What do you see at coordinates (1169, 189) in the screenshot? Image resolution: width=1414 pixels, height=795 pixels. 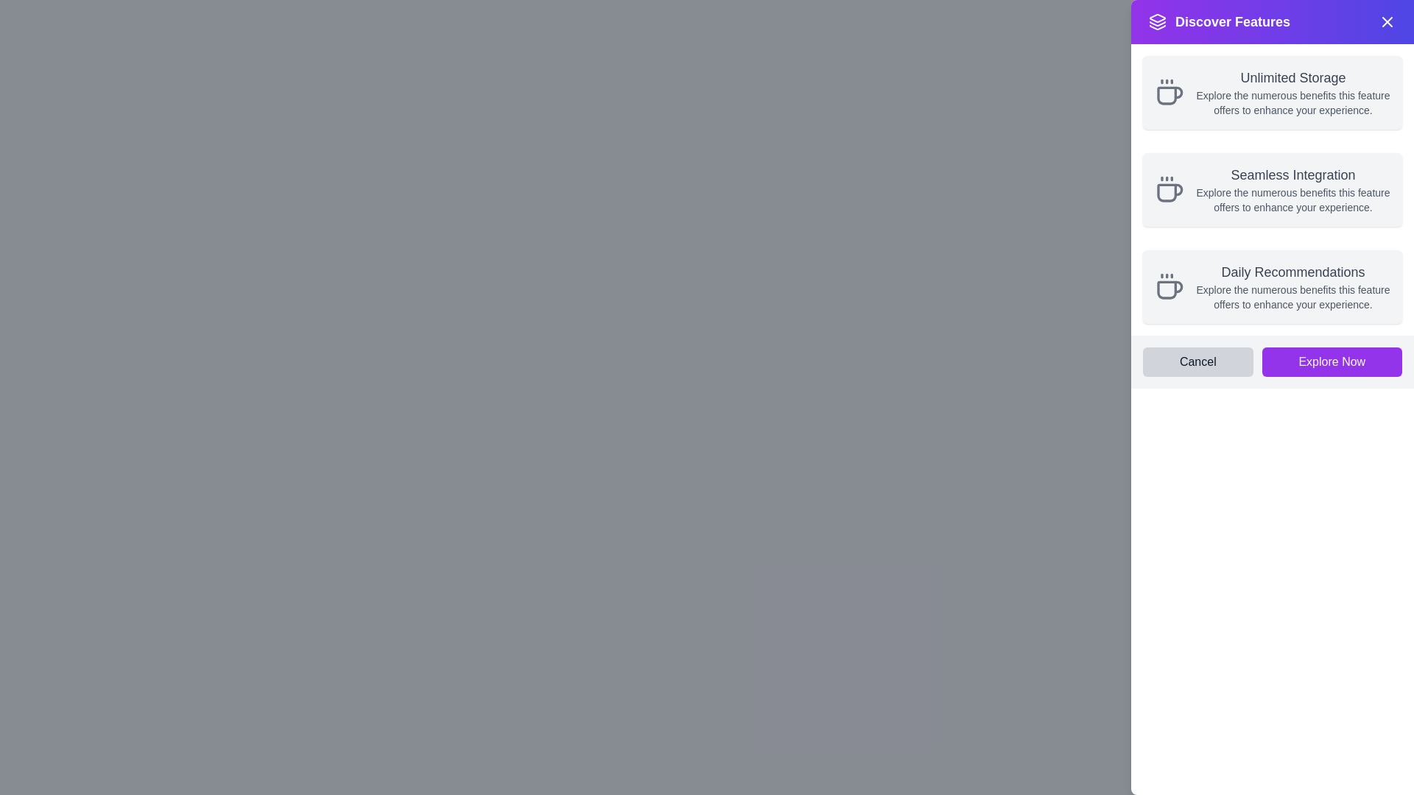 I see `the 'Seamless Integration' icon, which is located within the second card of the 'Discover Features' section, positioned to the left of the text content` at bounding box center [1169, 189].